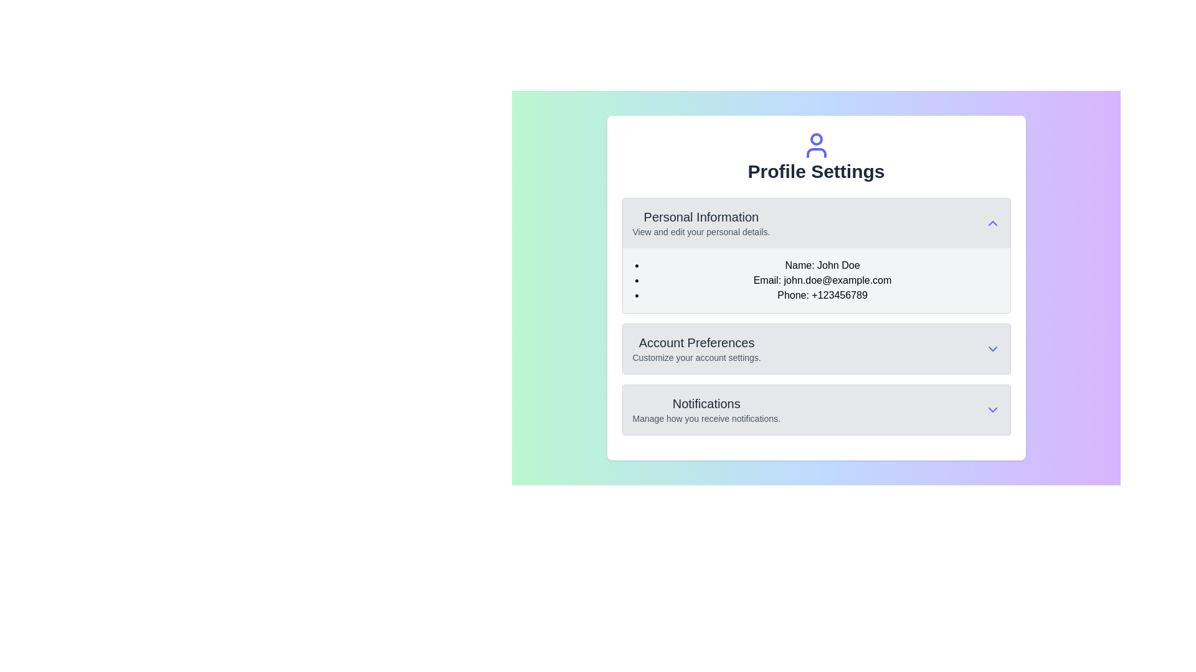 This screenshot has height=672, width=1196. I want to click on the downward-facing indigo arrow icon in the 'Account Preferences' section, so click(992, 348).